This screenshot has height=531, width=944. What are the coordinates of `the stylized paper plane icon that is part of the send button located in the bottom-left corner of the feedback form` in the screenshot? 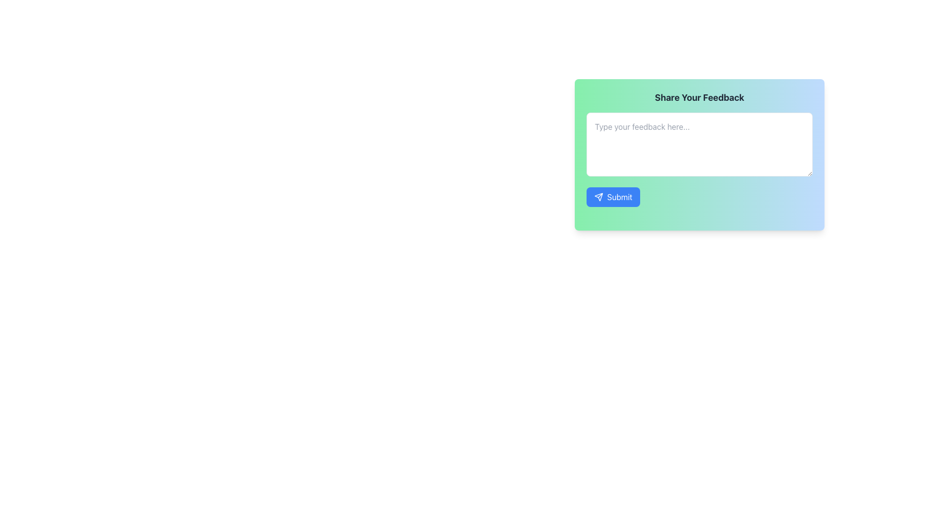 It's located at (598, 197).